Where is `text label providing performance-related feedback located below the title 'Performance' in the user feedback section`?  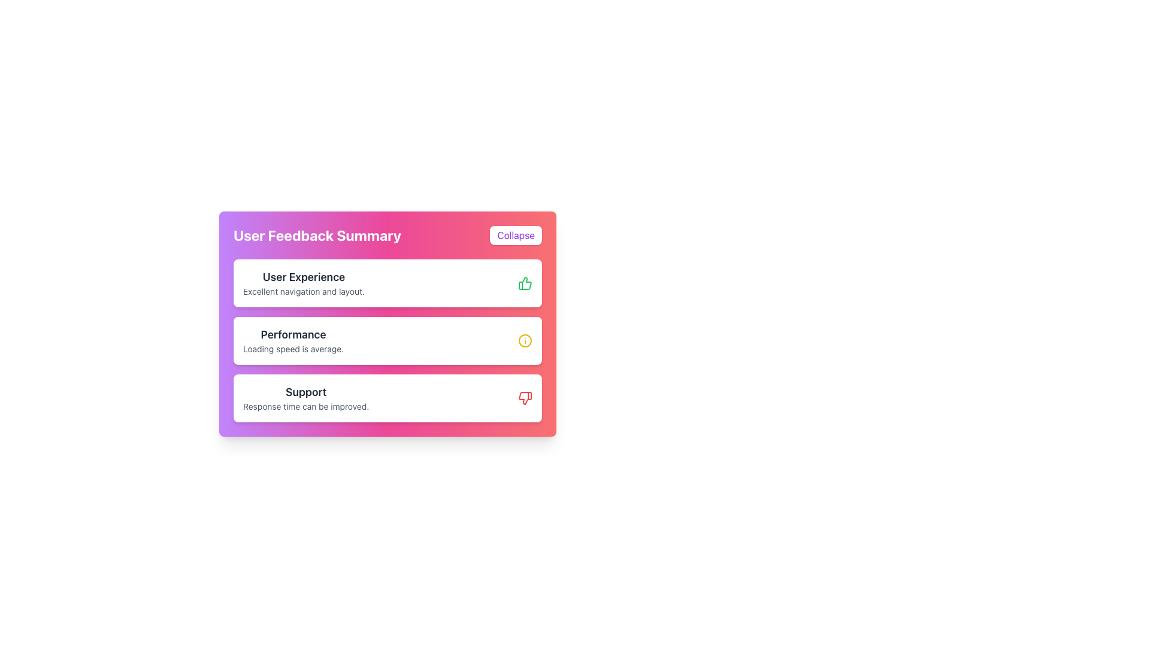 text label providing performance-related feedback located below the title 'Performance' in the user feedback section is located at coordinates (293, 349).